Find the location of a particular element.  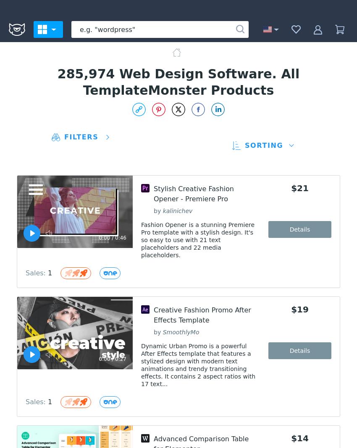

'$21' is located at coordinates (299, 188).